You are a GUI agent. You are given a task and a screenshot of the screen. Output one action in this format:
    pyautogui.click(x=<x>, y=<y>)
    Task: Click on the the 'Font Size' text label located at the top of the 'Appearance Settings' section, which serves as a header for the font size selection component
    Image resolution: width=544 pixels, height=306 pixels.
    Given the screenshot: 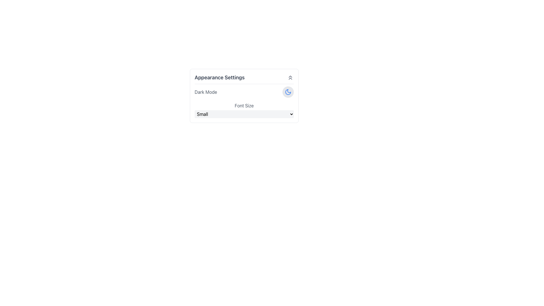 What is the action you would take?
    pyautogui.click(x=244, y=106)
    